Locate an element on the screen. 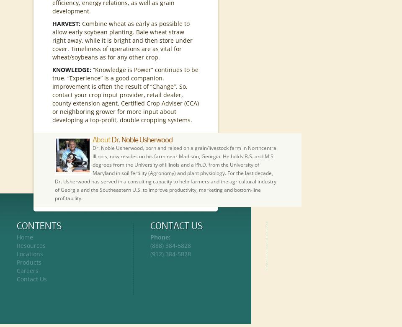  '“Knowledge is Power” continues to be true. “Experience” is a good companion. Improvement is often the result of “Change”. So, contact your crop input provider, retail dealer, county extension agent, Certified Crop Adviser (CCA) or neighboring grower for more input about developing a top-profit, double cropping systems.' is located at coordinates (125, 94).